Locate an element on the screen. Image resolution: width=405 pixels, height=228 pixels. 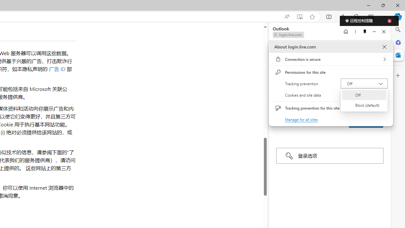
'Permissions for this site' is located at coordinates (331, 72).